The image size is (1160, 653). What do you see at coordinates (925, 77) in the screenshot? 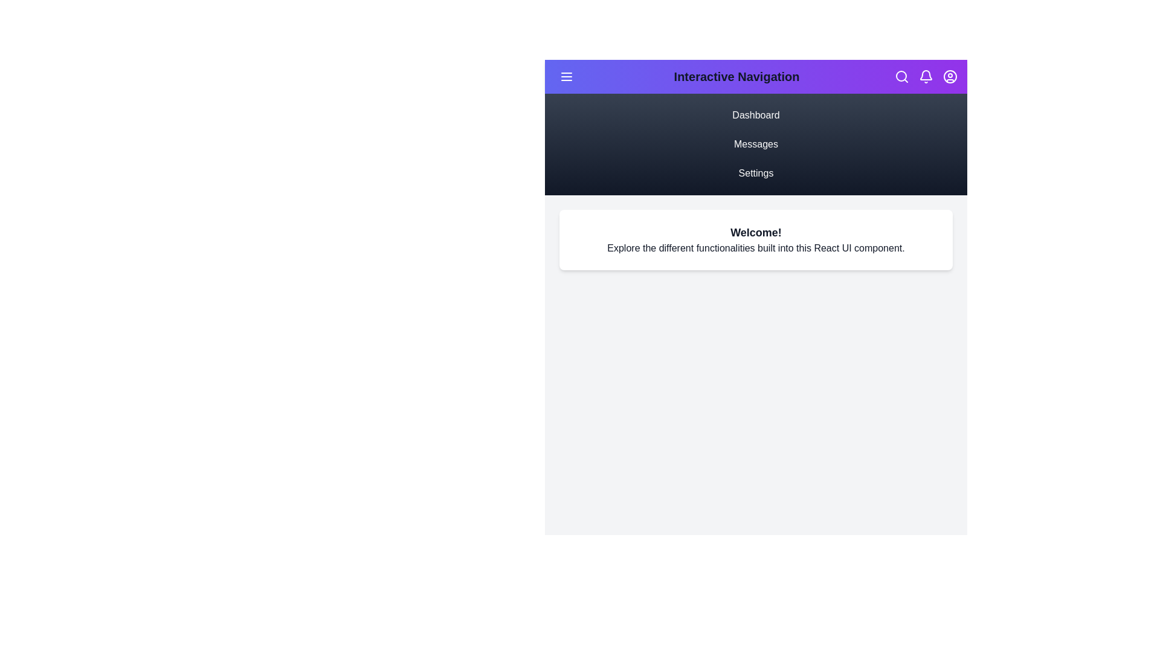
I see `the Bell icon in the action bar` at bounding box center [925, 77].